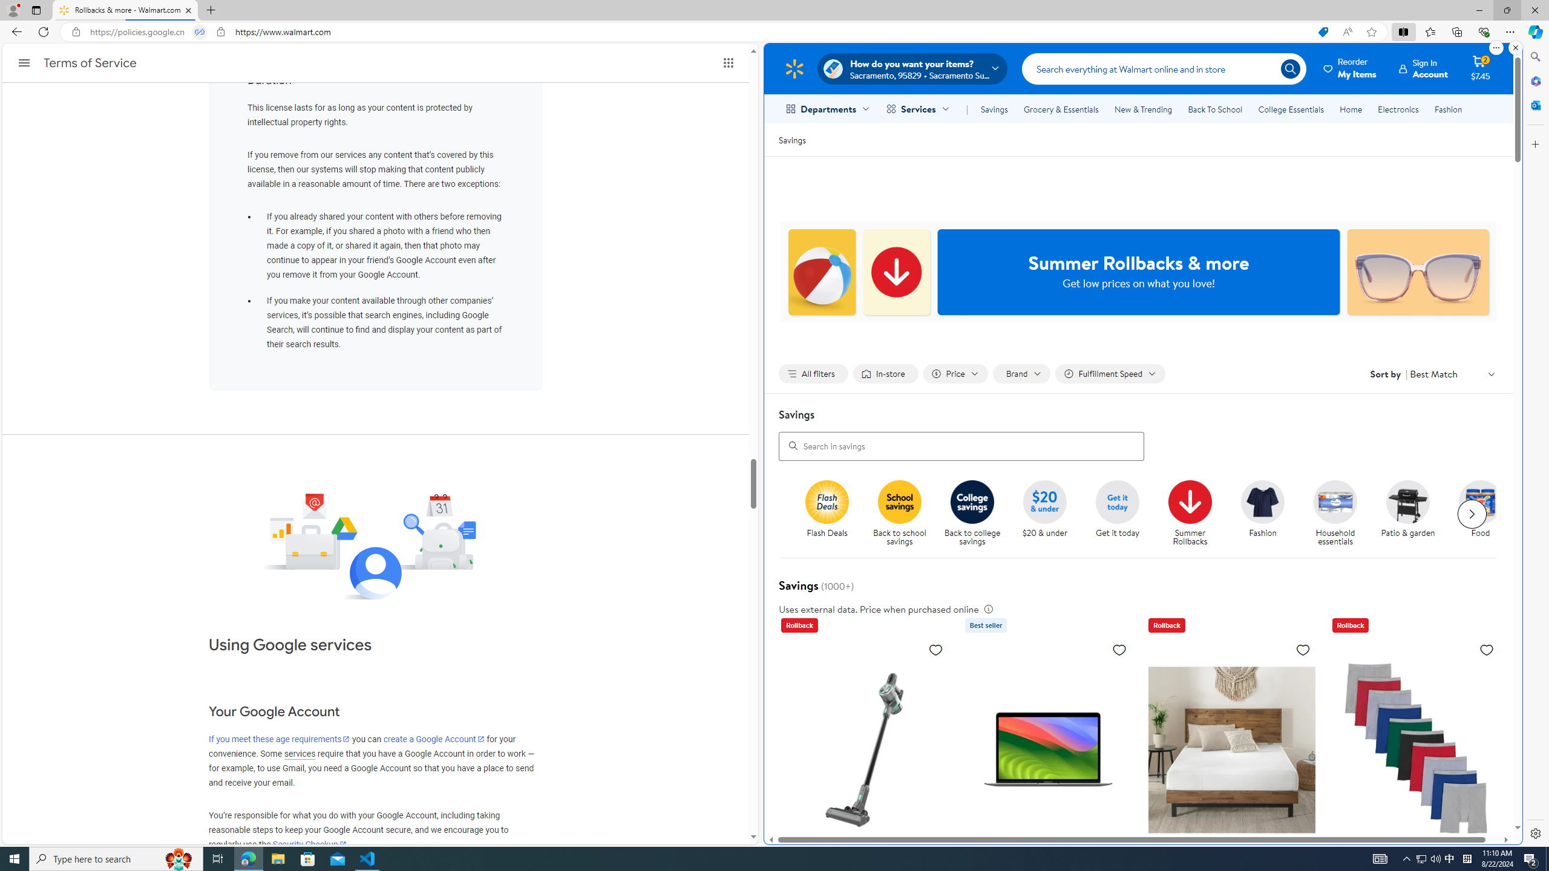 This screenshot has width=1549, height=871. Describe the element at coordinates (1231, 749) in the screenshot. I see `'Zinus Spa Sensations Serenity 8" Memory Foam Mattress, Full'` at that location.